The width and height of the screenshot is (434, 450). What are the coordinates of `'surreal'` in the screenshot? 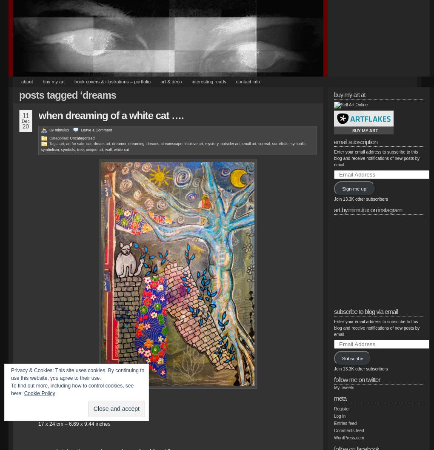 It's located at (263, 143).